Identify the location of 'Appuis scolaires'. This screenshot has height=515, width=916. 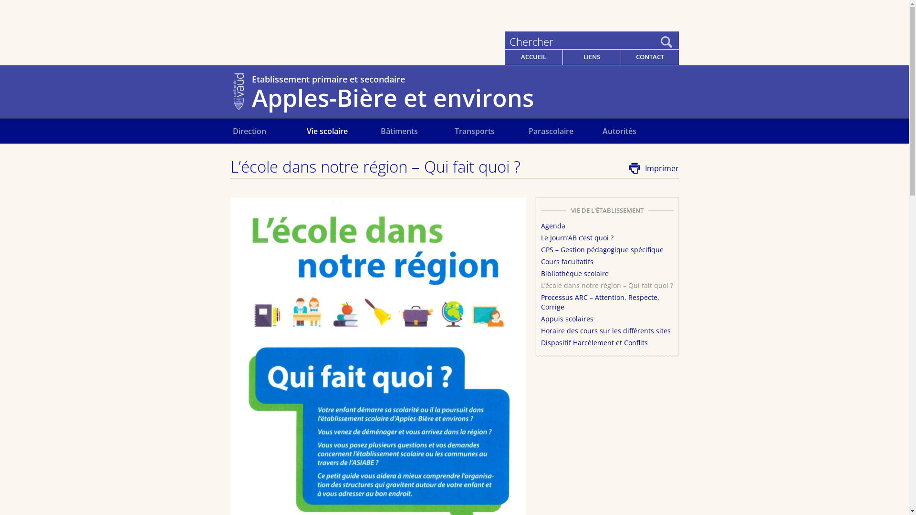
(567, 319).